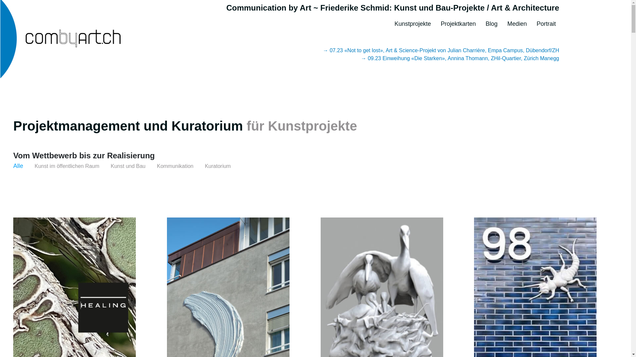 The width and height of the screenshot is (636, 357). Describe the element at coordinates (546, 21) in the screenshot. I see `'Portrait'` at that location.